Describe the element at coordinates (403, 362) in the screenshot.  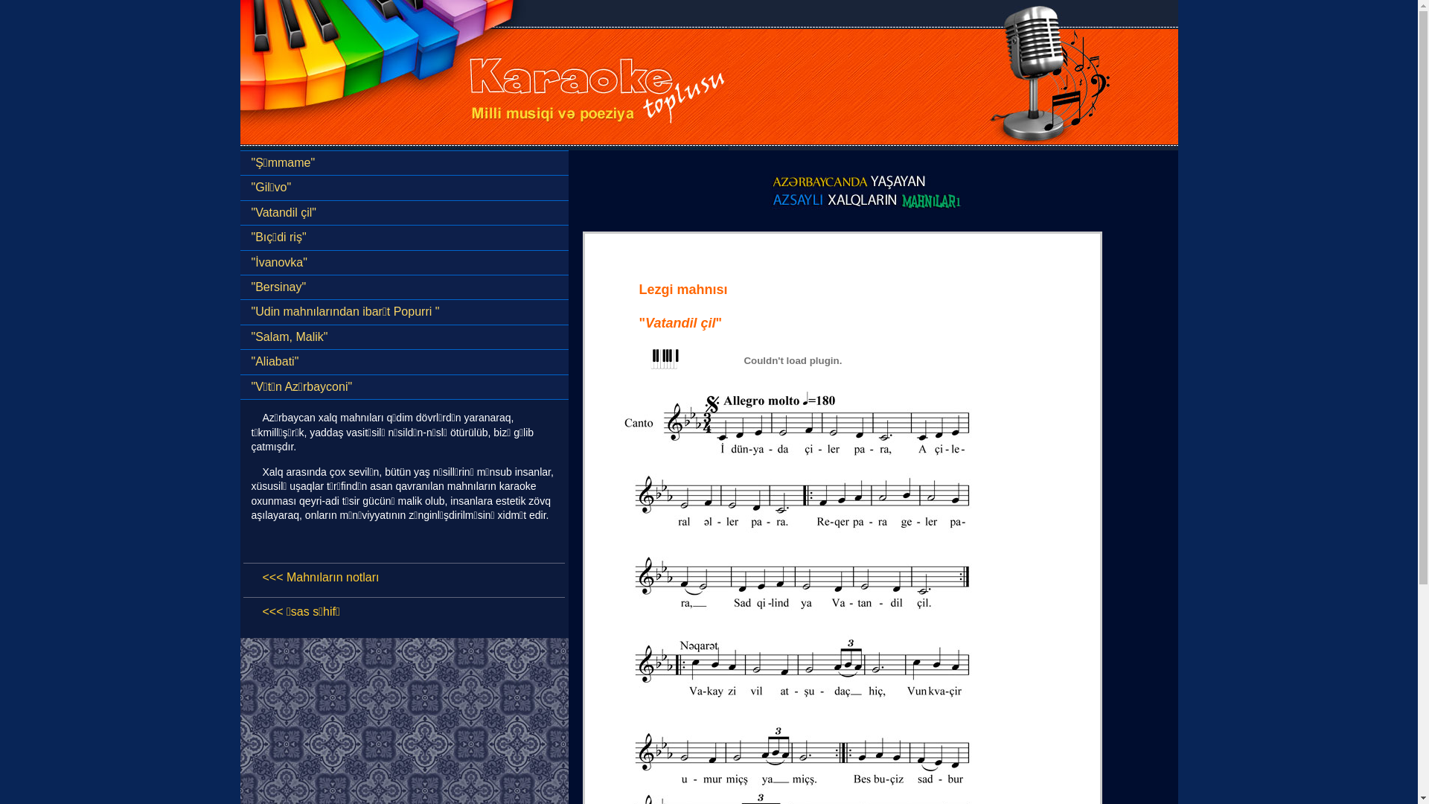
I see `'"Aliabati"'` at that location.